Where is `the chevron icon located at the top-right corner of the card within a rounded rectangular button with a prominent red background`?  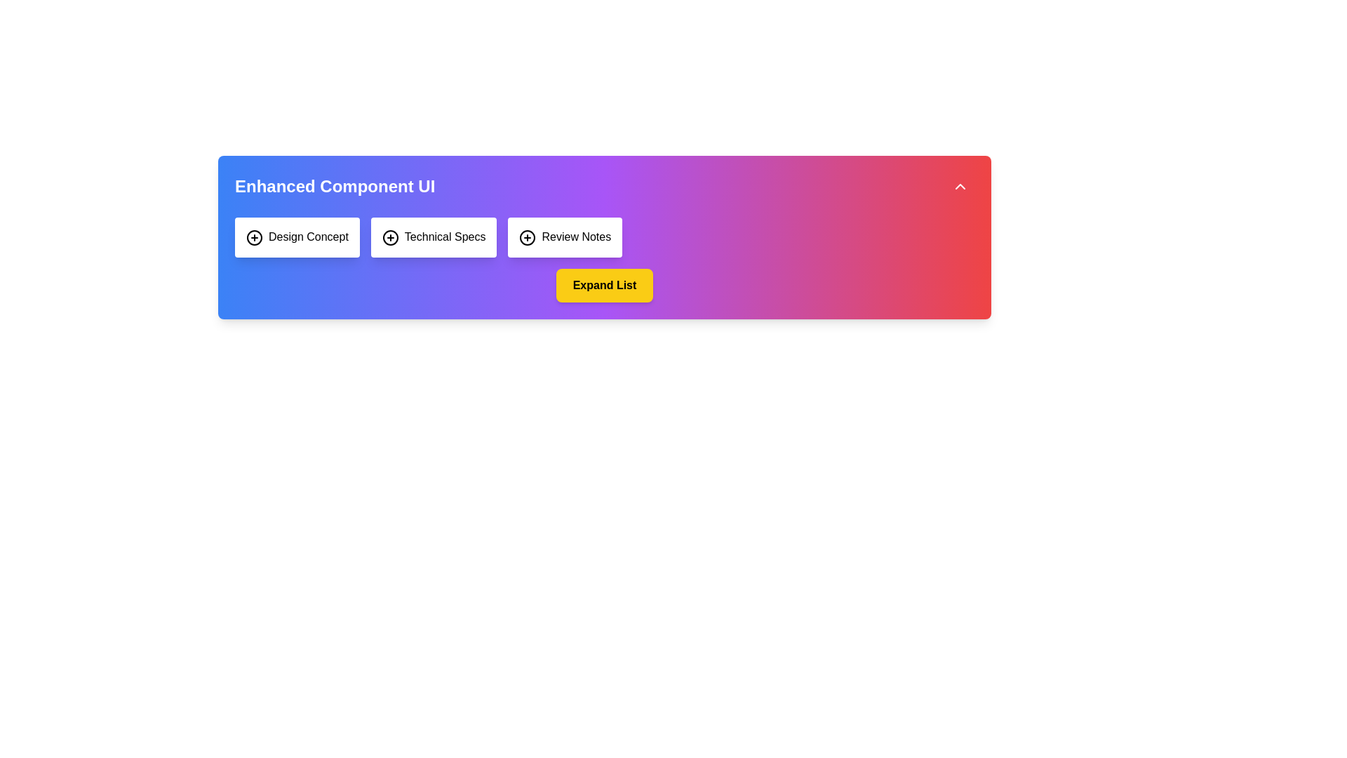 the chevron icon located at the top-right corner of the card within a rounded rectangular button with a prominent red background is located at coordinates (959, 186).